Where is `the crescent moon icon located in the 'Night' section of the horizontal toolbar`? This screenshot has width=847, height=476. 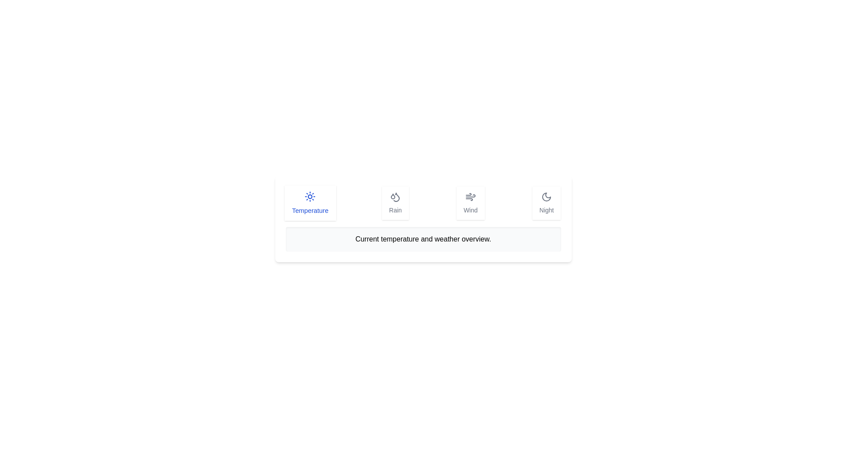
the crescent moon icon located in the 'Night' section of the horizontal toolbar is located at coordinates (546, 197).